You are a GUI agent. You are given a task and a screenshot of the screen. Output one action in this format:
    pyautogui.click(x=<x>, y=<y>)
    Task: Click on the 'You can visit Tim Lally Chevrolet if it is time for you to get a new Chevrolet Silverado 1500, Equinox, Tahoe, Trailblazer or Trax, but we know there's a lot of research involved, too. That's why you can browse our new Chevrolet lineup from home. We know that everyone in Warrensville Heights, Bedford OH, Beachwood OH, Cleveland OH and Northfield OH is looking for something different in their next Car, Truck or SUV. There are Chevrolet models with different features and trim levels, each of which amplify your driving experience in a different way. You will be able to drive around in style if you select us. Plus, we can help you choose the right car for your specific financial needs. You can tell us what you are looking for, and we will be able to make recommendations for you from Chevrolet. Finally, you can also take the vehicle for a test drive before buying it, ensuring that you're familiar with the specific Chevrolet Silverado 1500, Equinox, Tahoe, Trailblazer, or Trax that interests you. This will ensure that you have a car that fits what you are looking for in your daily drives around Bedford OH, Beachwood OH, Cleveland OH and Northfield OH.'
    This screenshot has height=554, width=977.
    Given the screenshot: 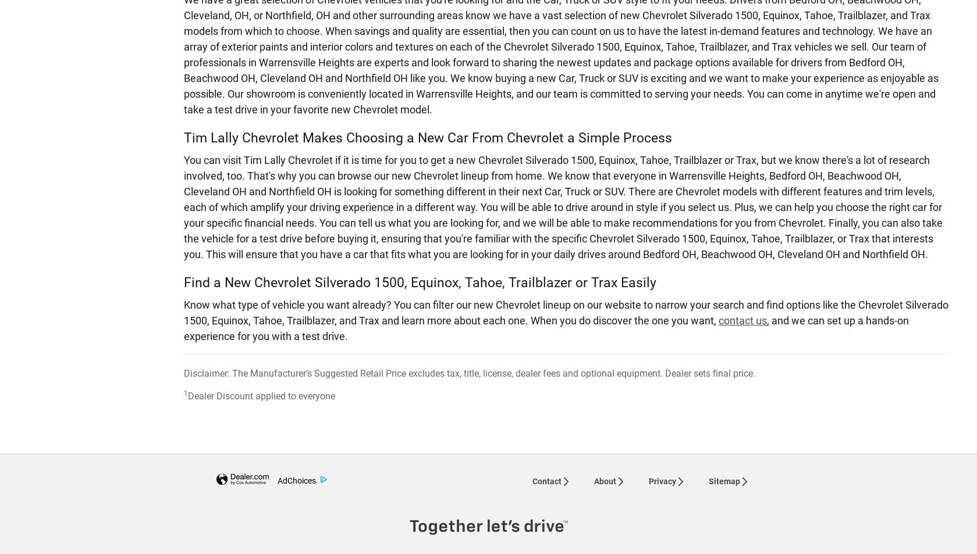 What is the action you would take?
    pyautogui.click(x=562, y=206)
    